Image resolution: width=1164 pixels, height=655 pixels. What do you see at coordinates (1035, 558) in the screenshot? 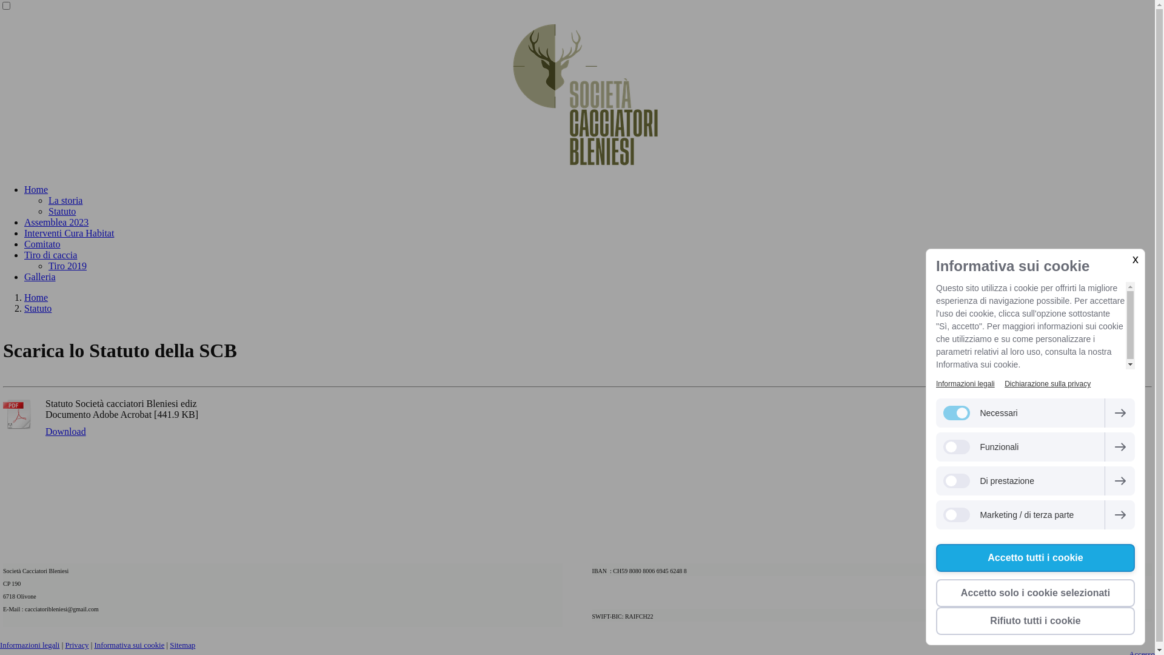
I see `'Accetto tutti i cookie'` at bounding box center [1035, 558].